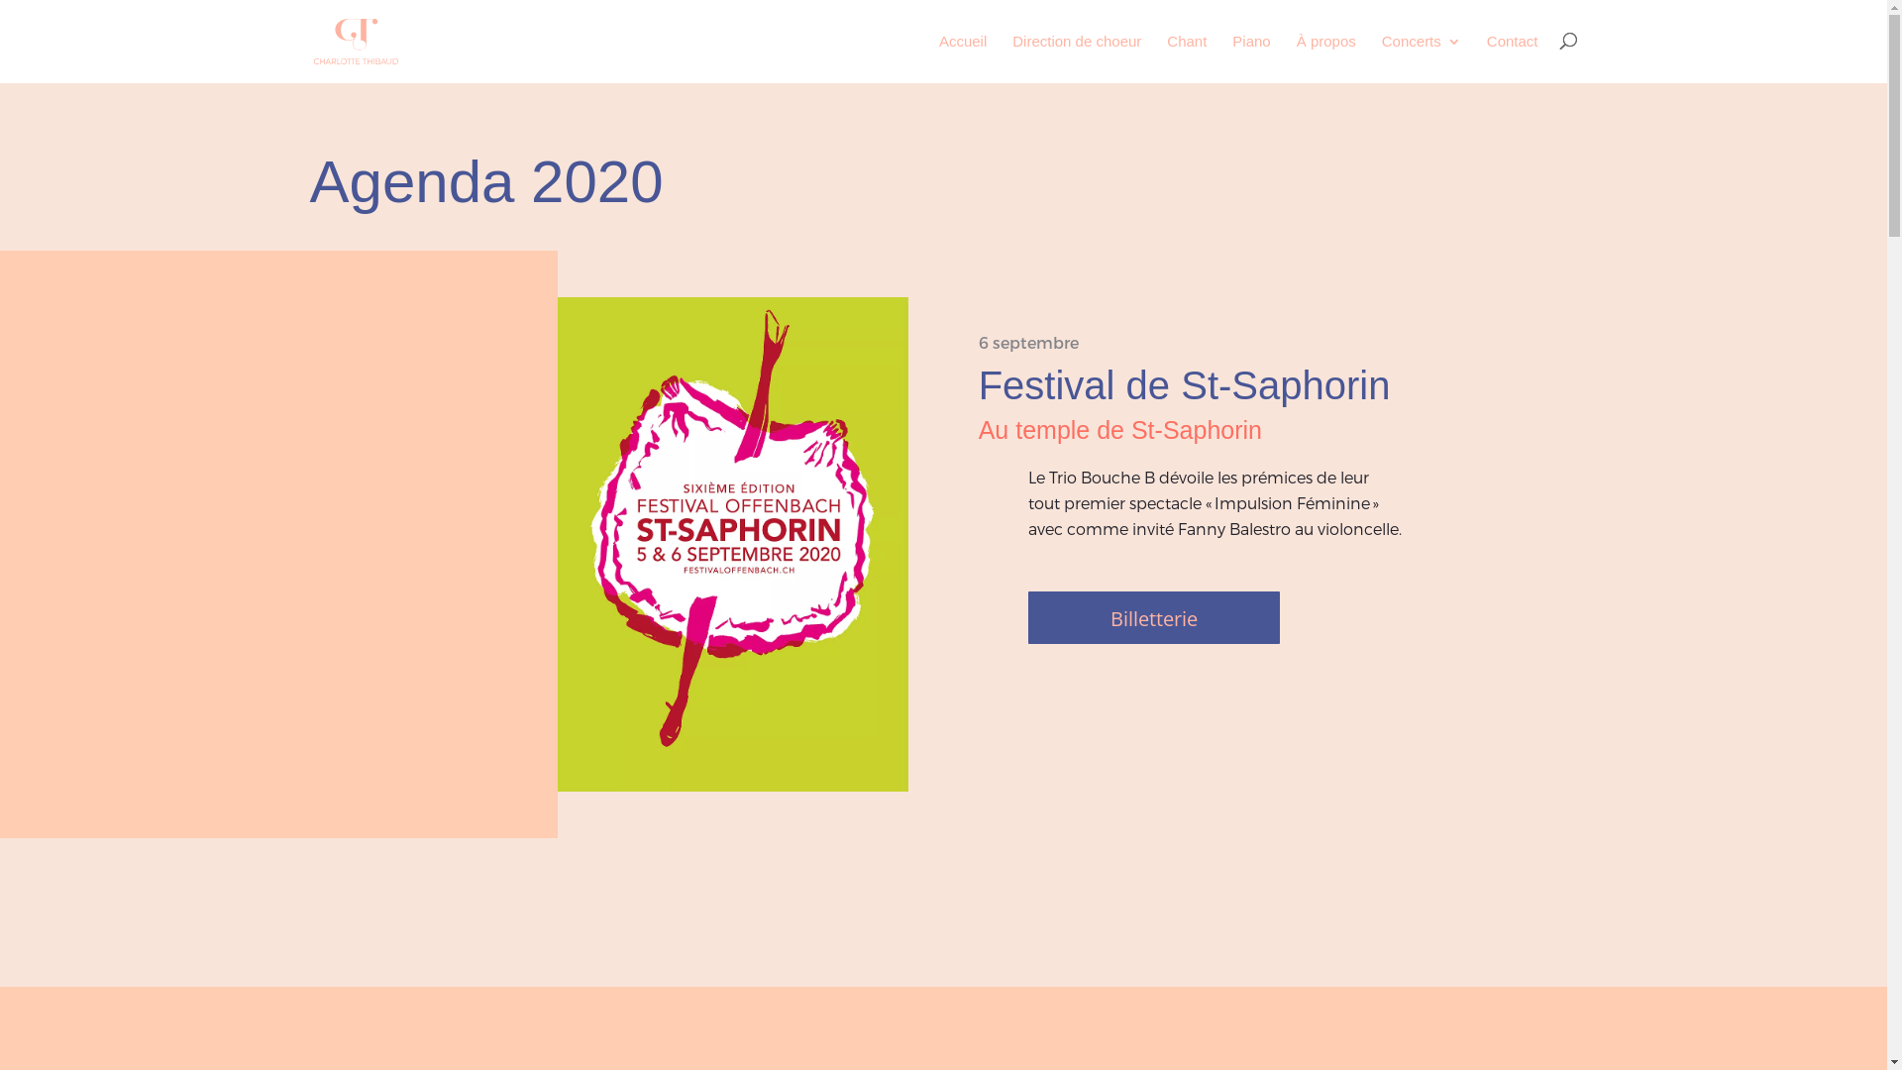 The image size is (1902, 1070). Describe the element at coordinates (1511, 56) in the screenshot. I see `'Contact'` at that location.